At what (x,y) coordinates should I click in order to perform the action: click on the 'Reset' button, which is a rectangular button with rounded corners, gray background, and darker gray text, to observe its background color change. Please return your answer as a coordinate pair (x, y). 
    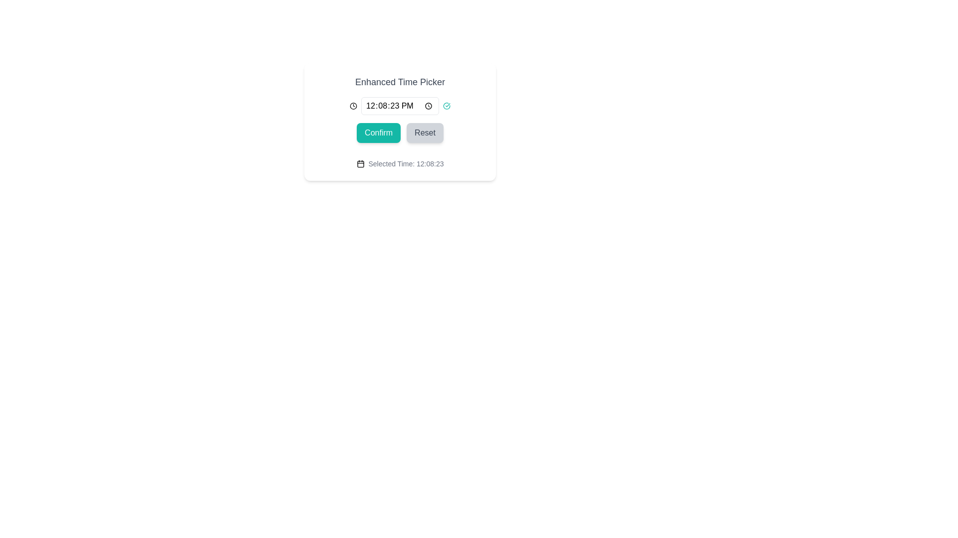
    Looking at the image, I should click on (425, 132).